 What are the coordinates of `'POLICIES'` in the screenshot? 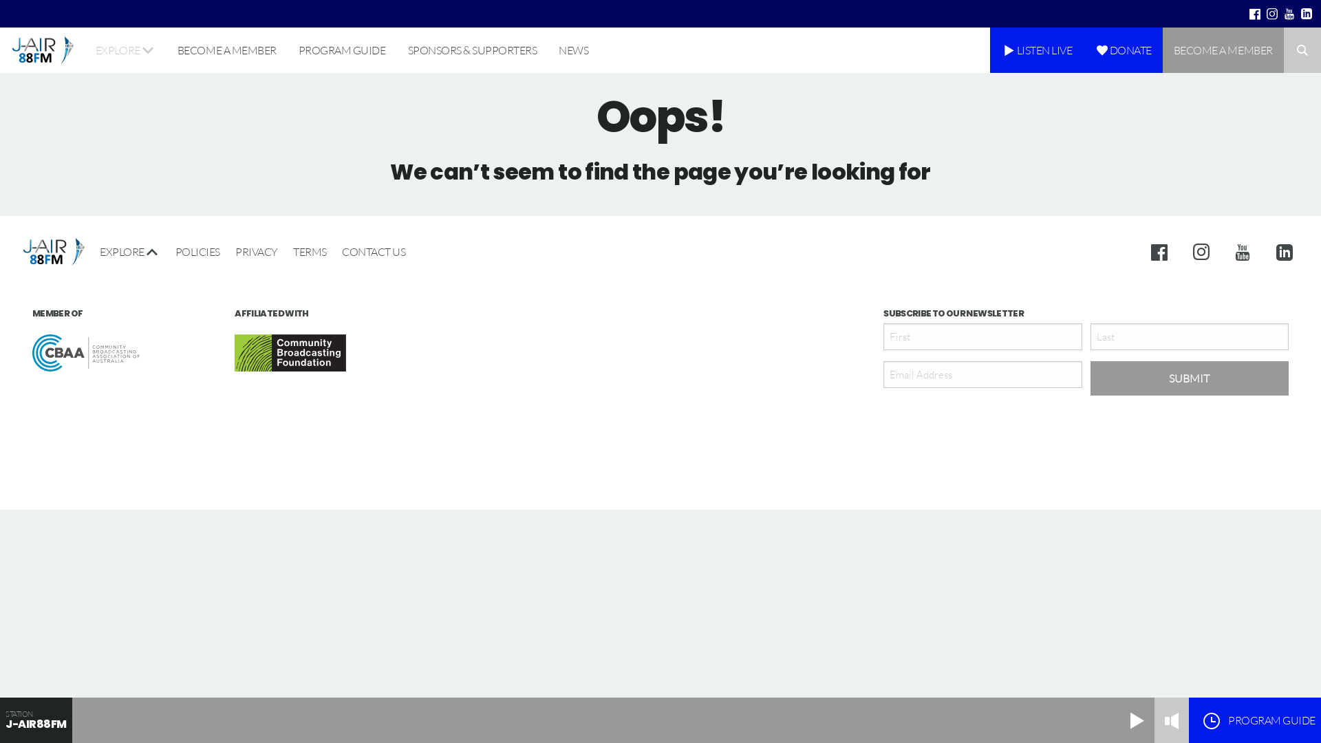 It's located at (167, 252).